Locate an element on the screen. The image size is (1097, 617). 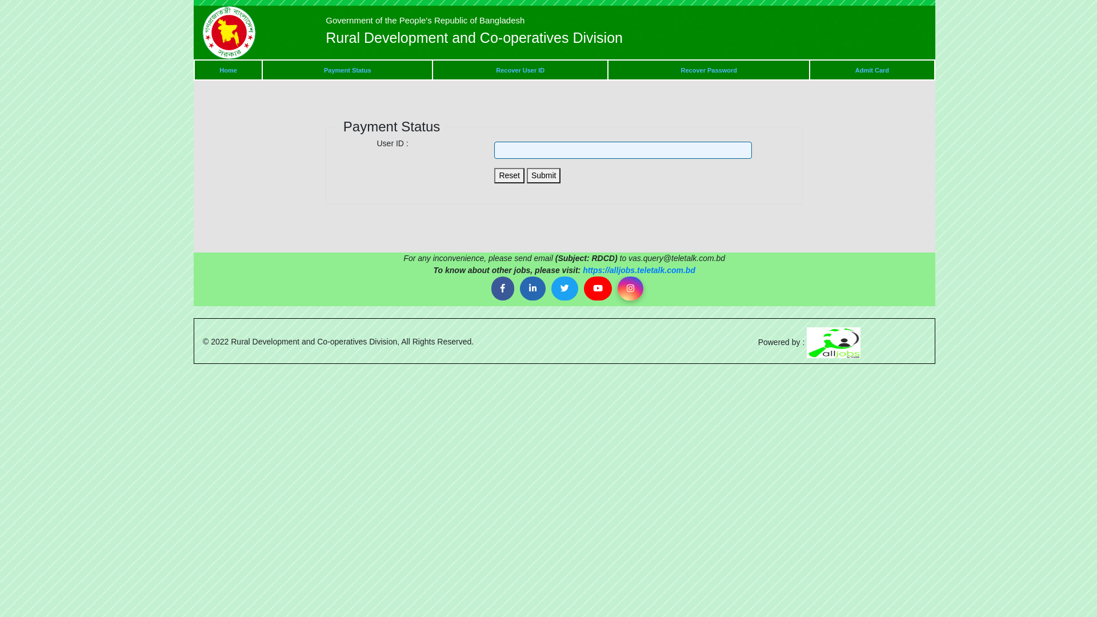
'Twitter' is located at coordinates (564, 288).